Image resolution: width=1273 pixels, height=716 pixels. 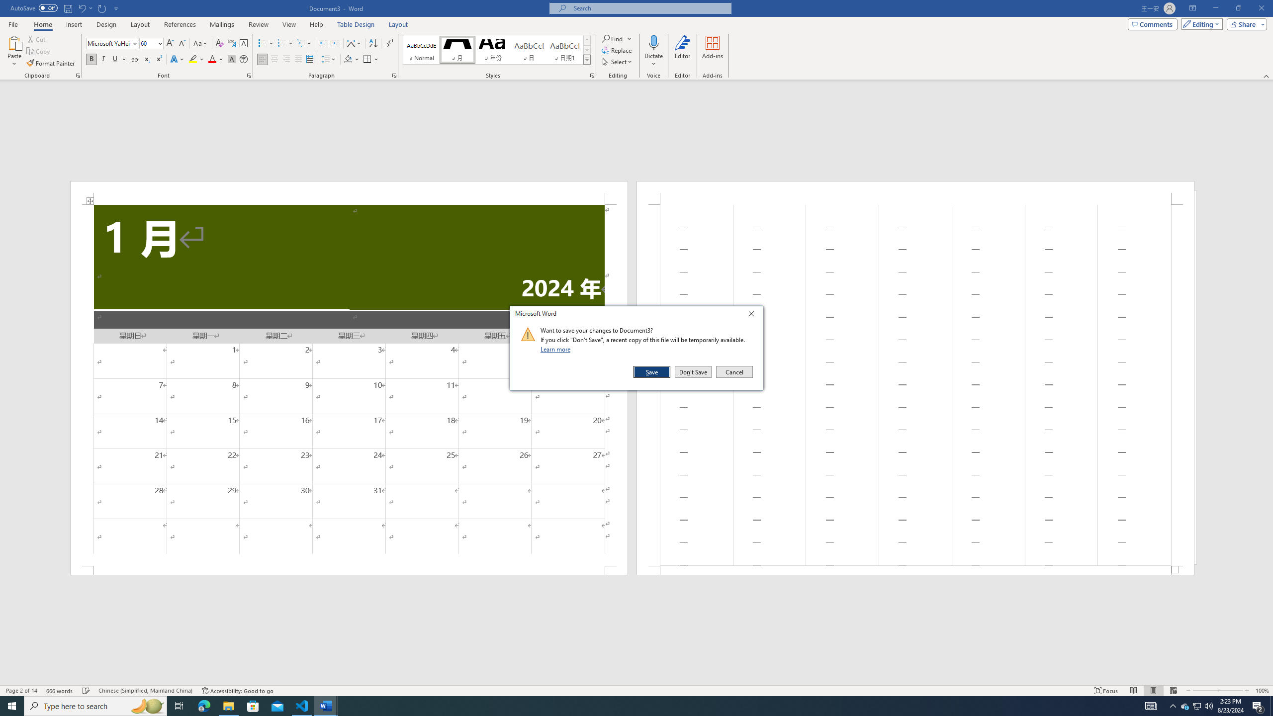 I want to click on 'Word - 2 running windows', so click(x=326, y=705).